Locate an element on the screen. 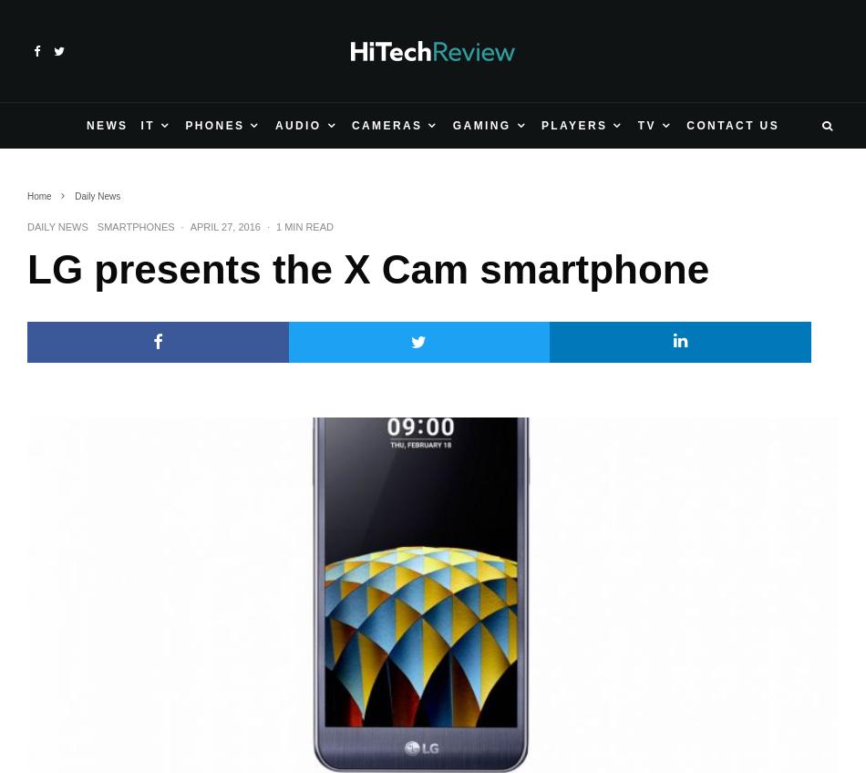  'Samsung works on quantum dot TVs, postpones OLED' is located at coordinates (720, 396).